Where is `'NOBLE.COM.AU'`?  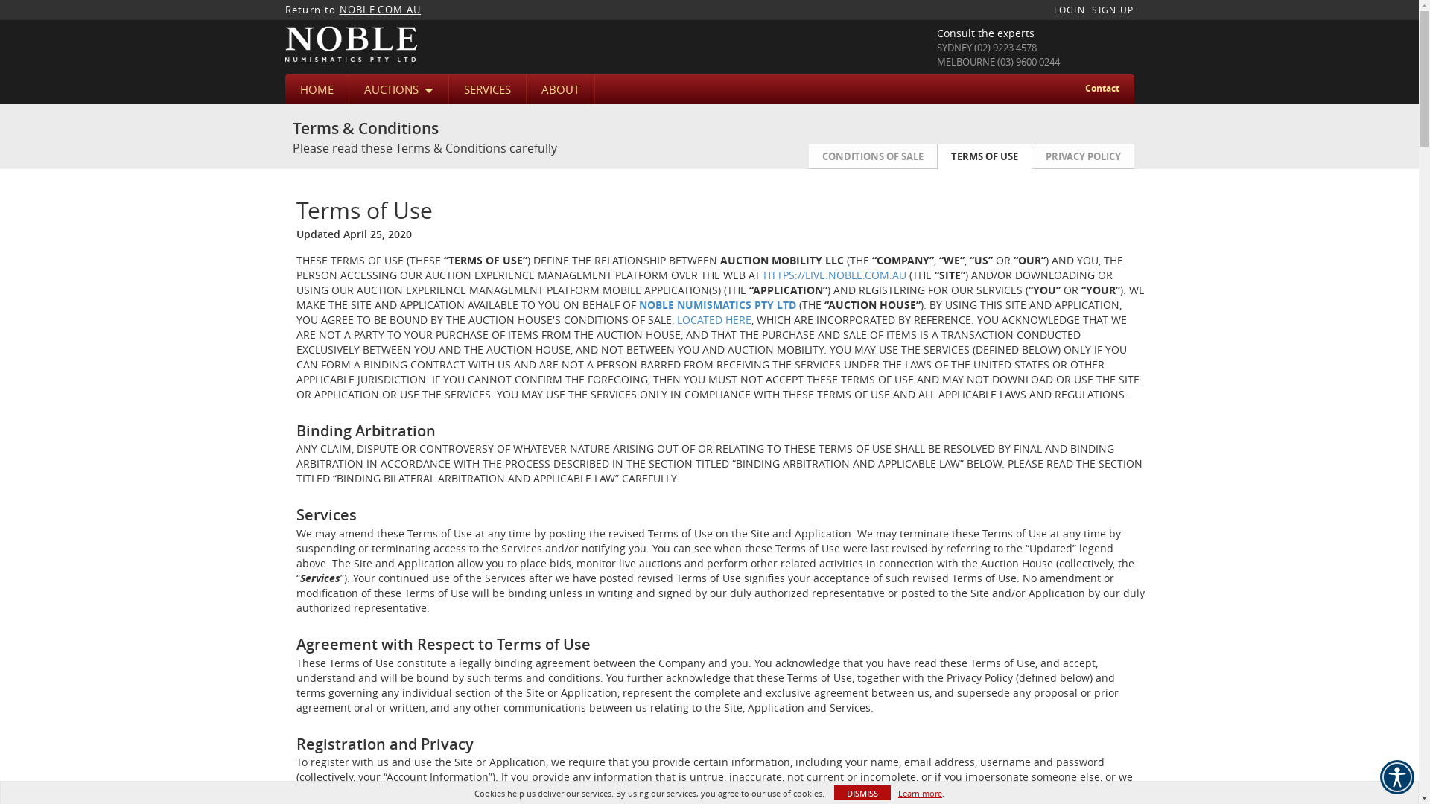 'NOBLE.COM.AU' is located at coordinates (380, 9).